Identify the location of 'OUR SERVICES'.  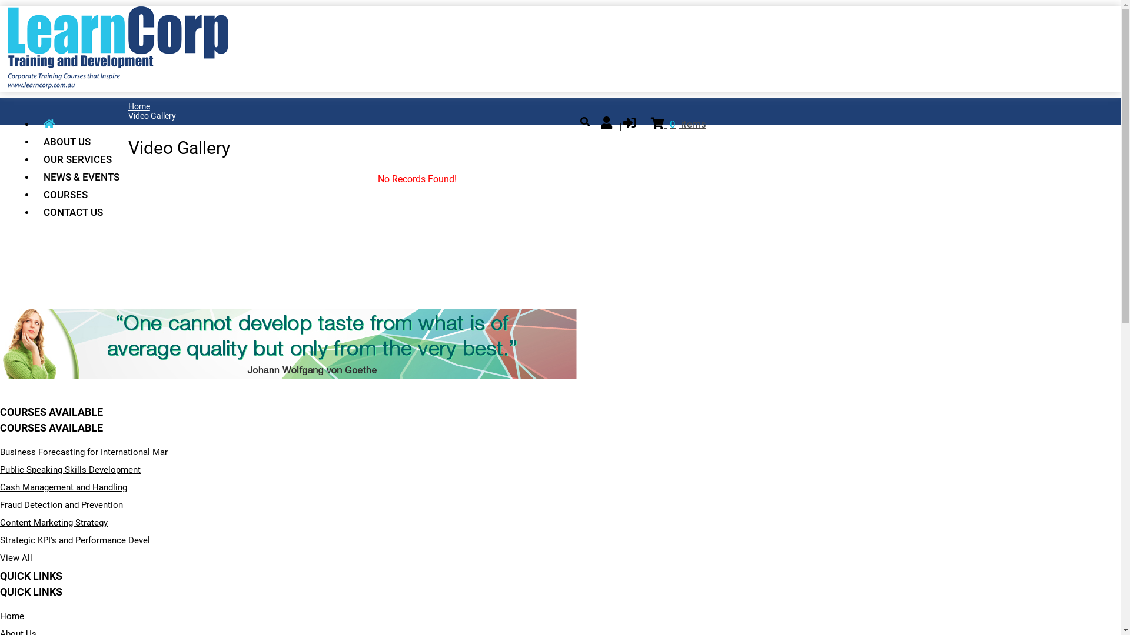
(81, 159).